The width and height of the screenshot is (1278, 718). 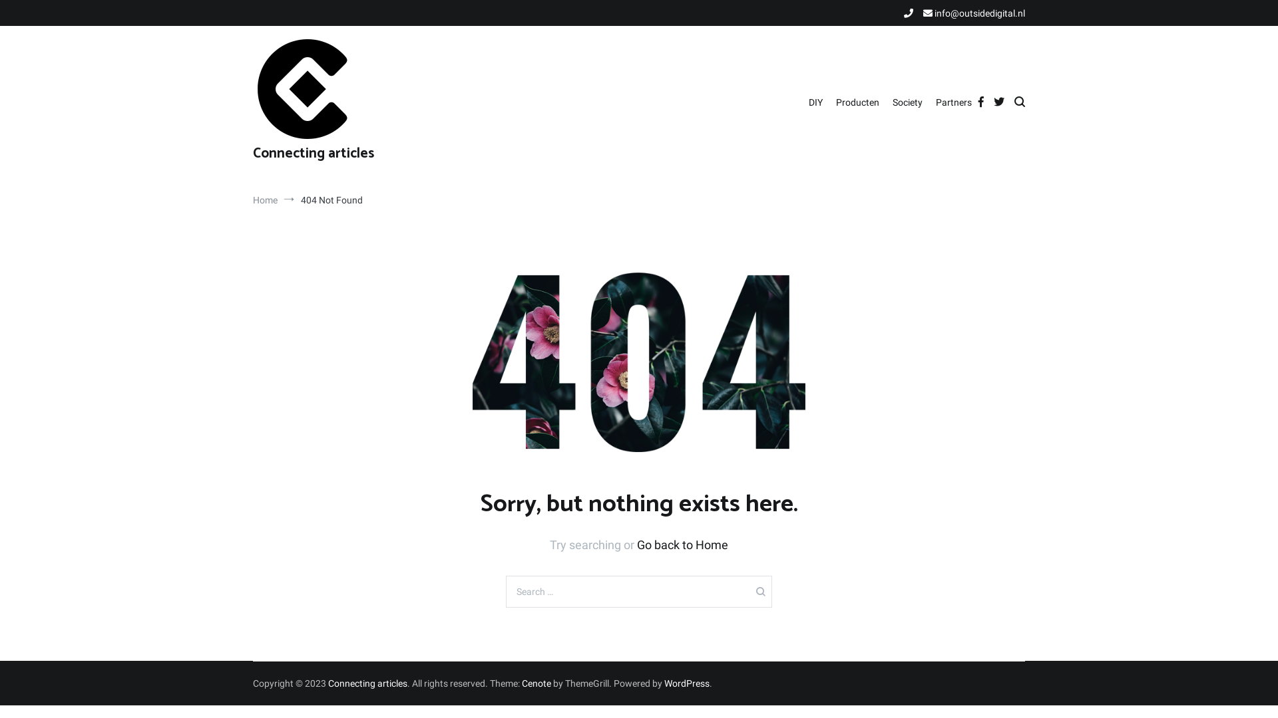 I want to click on 'Home', so click(x=265, y=199).